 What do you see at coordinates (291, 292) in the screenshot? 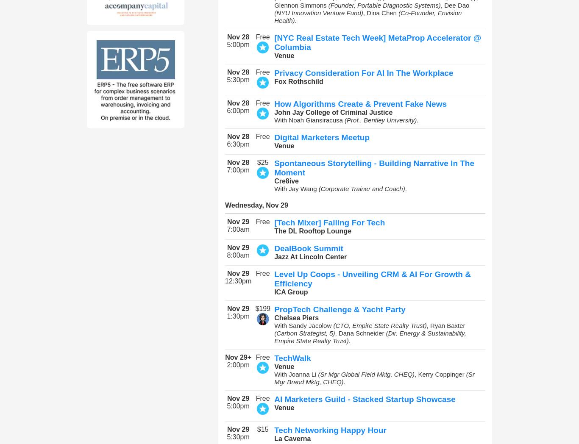
I see `'ICA Group'` at bounding box center [291, 292].